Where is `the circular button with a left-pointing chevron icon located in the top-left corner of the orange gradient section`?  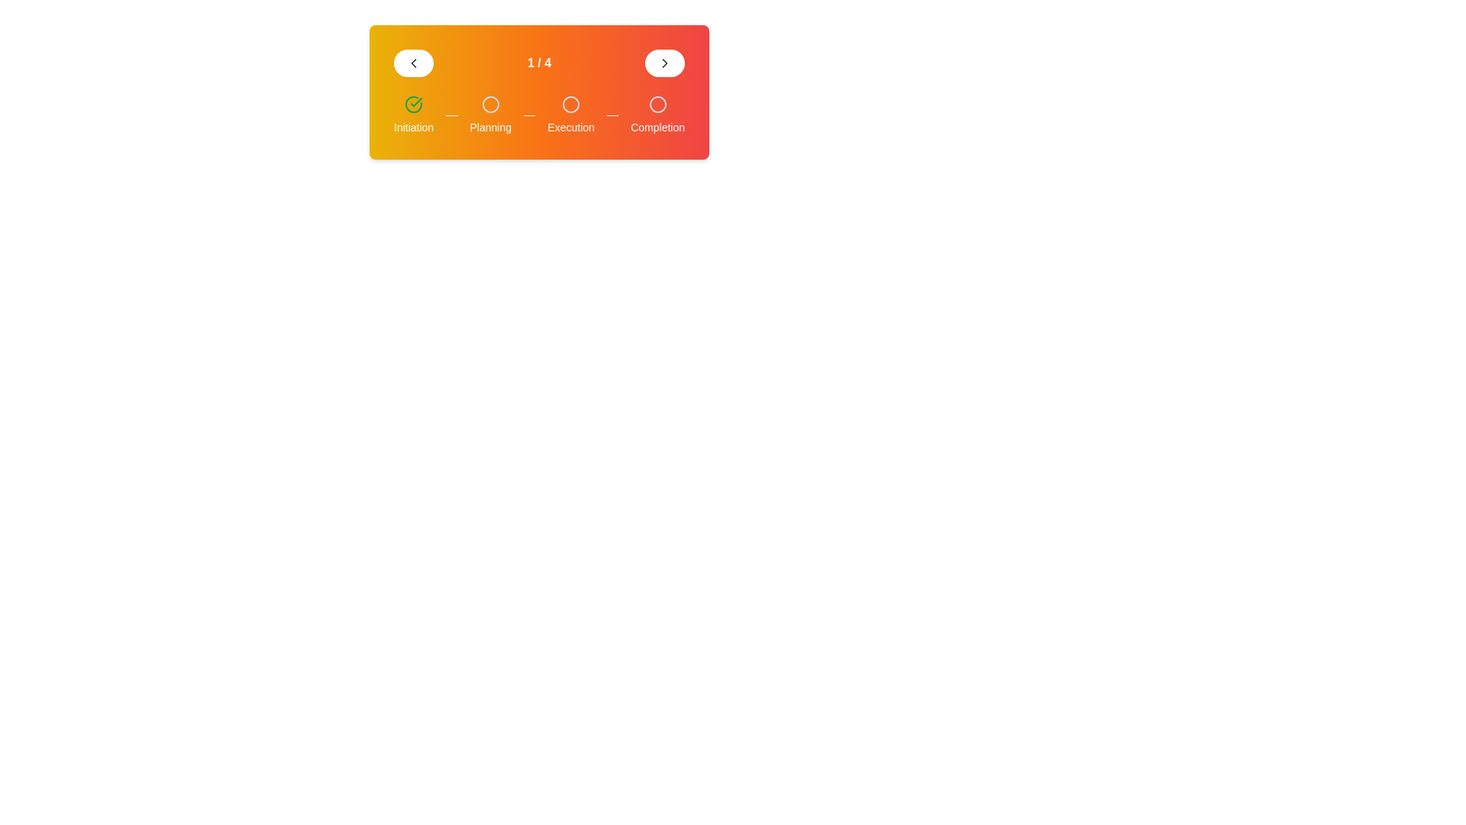
the circular button with a left-pointing chevron icon located in the top-left corner of the orange gradient section is located at coordinates (414, 63).